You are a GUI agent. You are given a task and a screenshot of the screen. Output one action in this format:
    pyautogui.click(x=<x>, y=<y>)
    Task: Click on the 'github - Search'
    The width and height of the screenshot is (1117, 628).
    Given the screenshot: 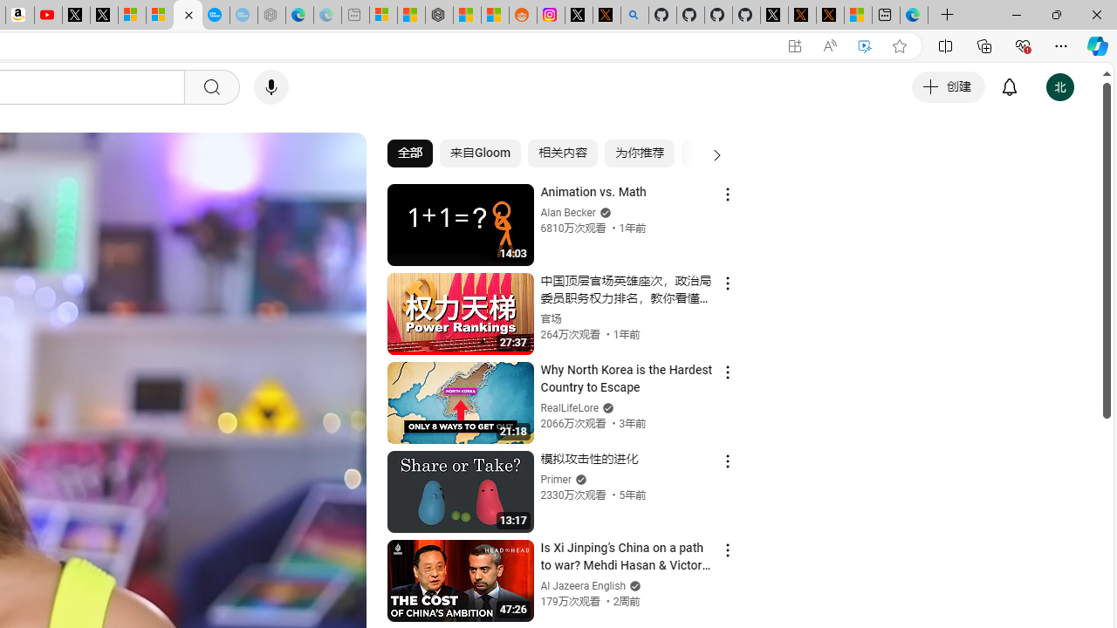 What is the action you would take?
    pyautogui.click(x=634, y=15)
    